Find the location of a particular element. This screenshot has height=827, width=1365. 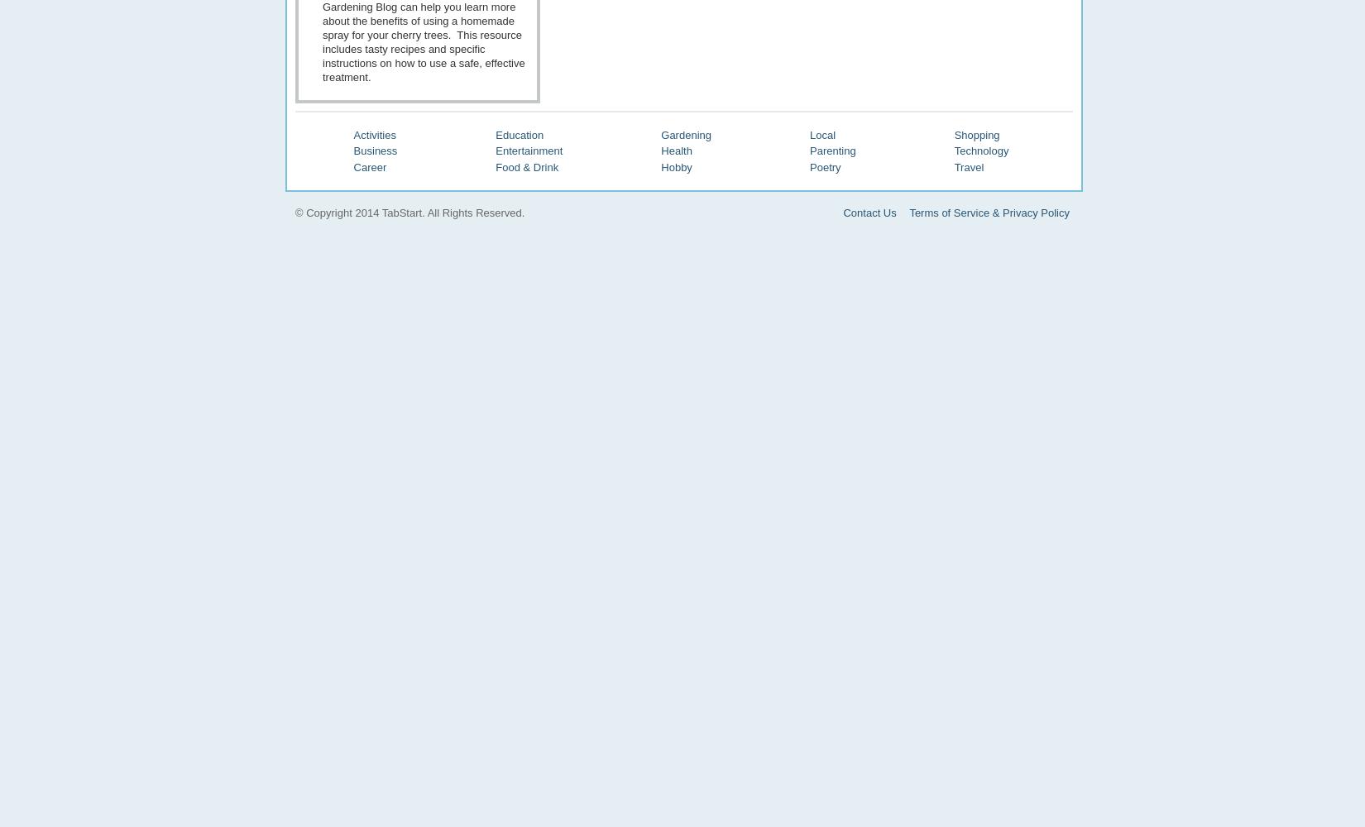

'Business' is located at coordinates (352, 151).